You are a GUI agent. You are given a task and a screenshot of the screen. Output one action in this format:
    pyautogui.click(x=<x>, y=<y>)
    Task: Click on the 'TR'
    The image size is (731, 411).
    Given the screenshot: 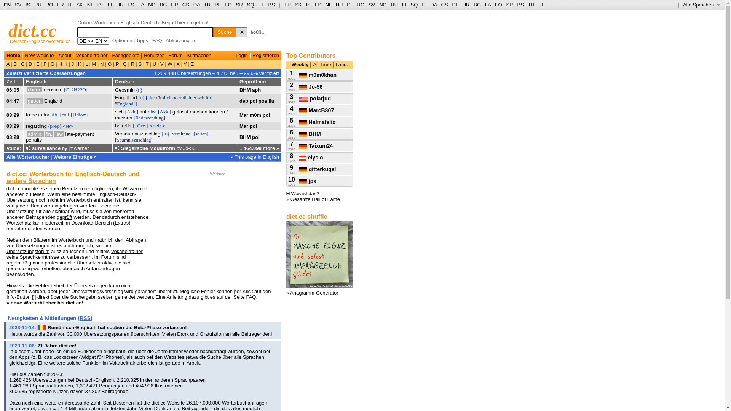 What is the action you would take?
    pyautogui.click(x=207, y=5)
    